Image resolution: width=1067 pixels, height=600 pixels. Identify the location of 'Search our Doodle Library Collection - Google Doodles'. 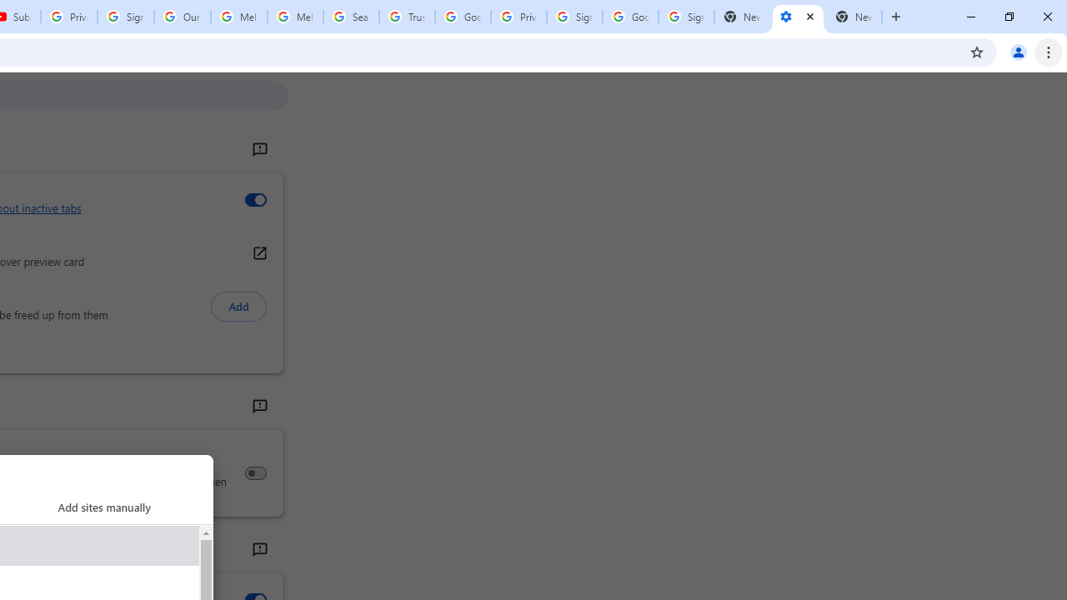
(350, 17).